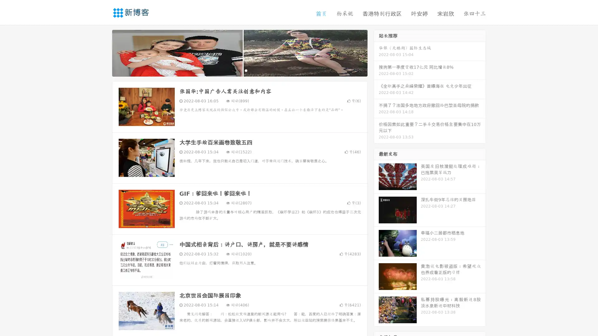 The width and height of the screenshot is (598, 336). Describe the element at coordinates (103, 52) in the screenshot. I see `Previous slide` at that location.